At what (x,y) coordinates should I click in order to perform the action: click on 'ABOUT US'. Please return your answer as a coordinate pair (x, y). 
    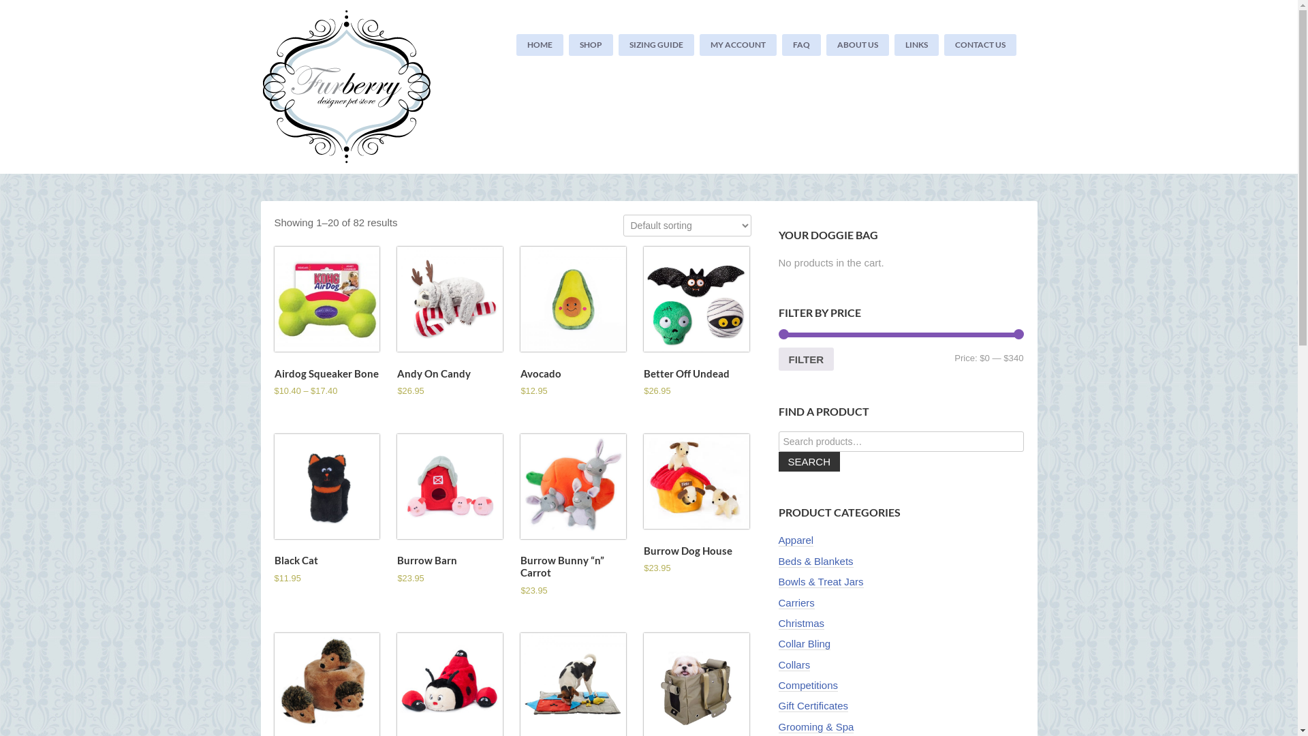
    Looking at the image, I should click on (856, 44).